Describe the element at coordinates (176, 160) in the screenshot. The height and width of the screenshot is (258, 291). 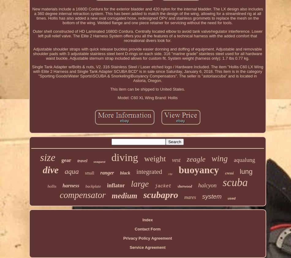
I see `'vest'` at that location.